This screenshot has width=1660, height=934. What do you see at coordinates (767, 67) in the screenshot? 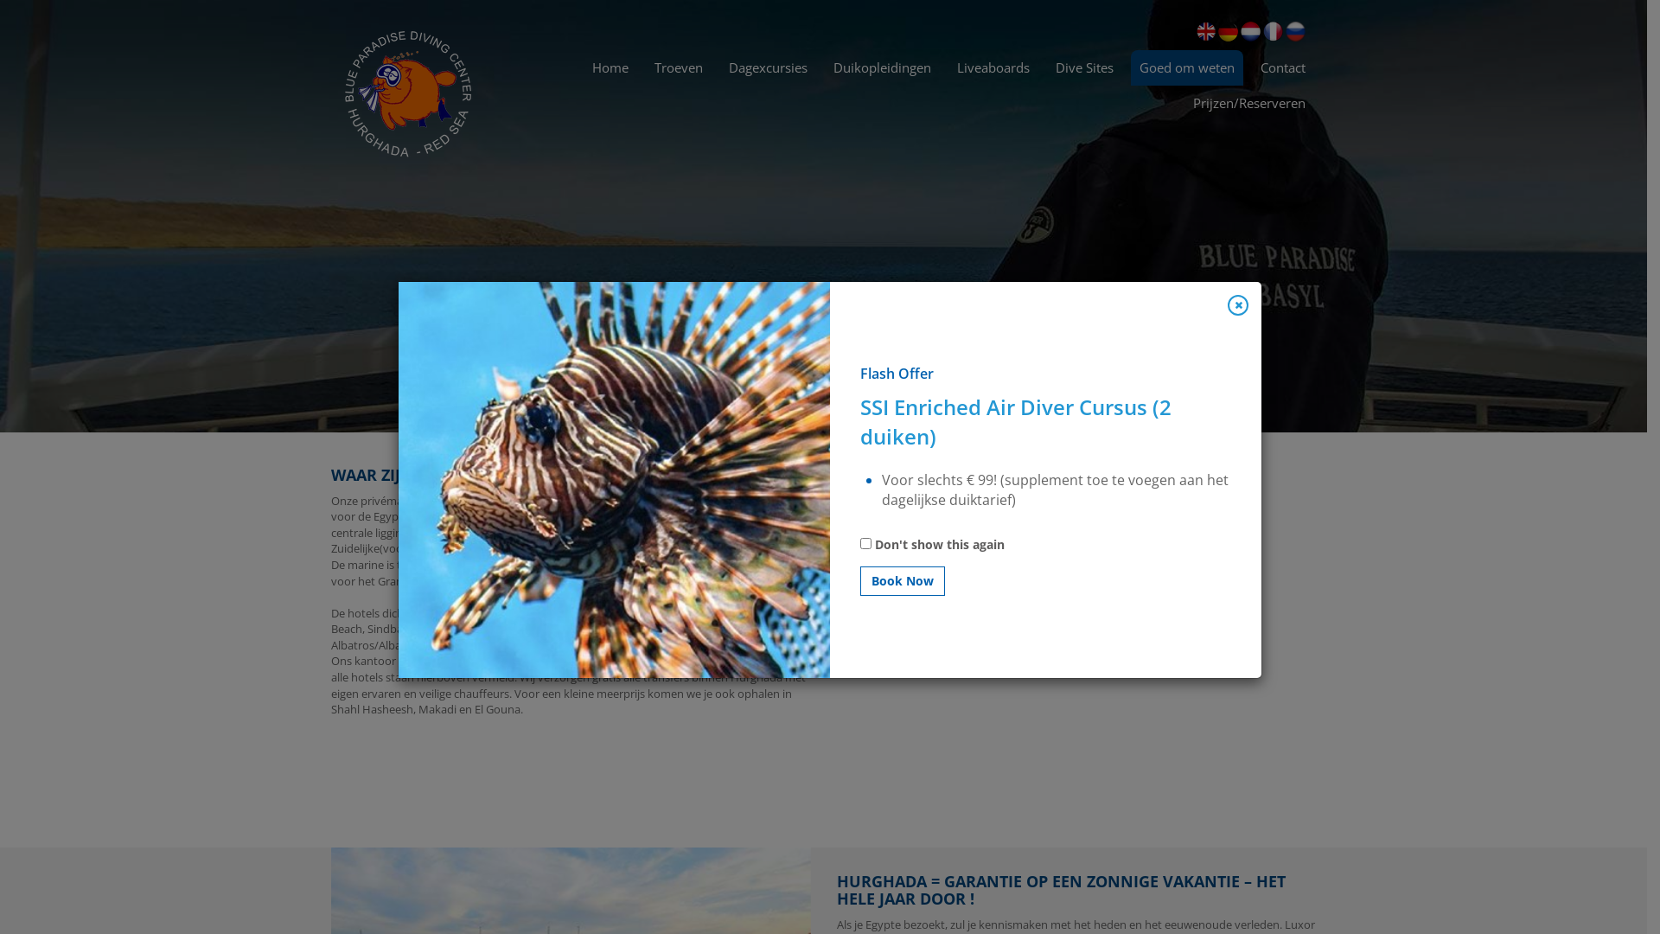
I see `'Dagexcursies'` at bounding box center [767, 67].